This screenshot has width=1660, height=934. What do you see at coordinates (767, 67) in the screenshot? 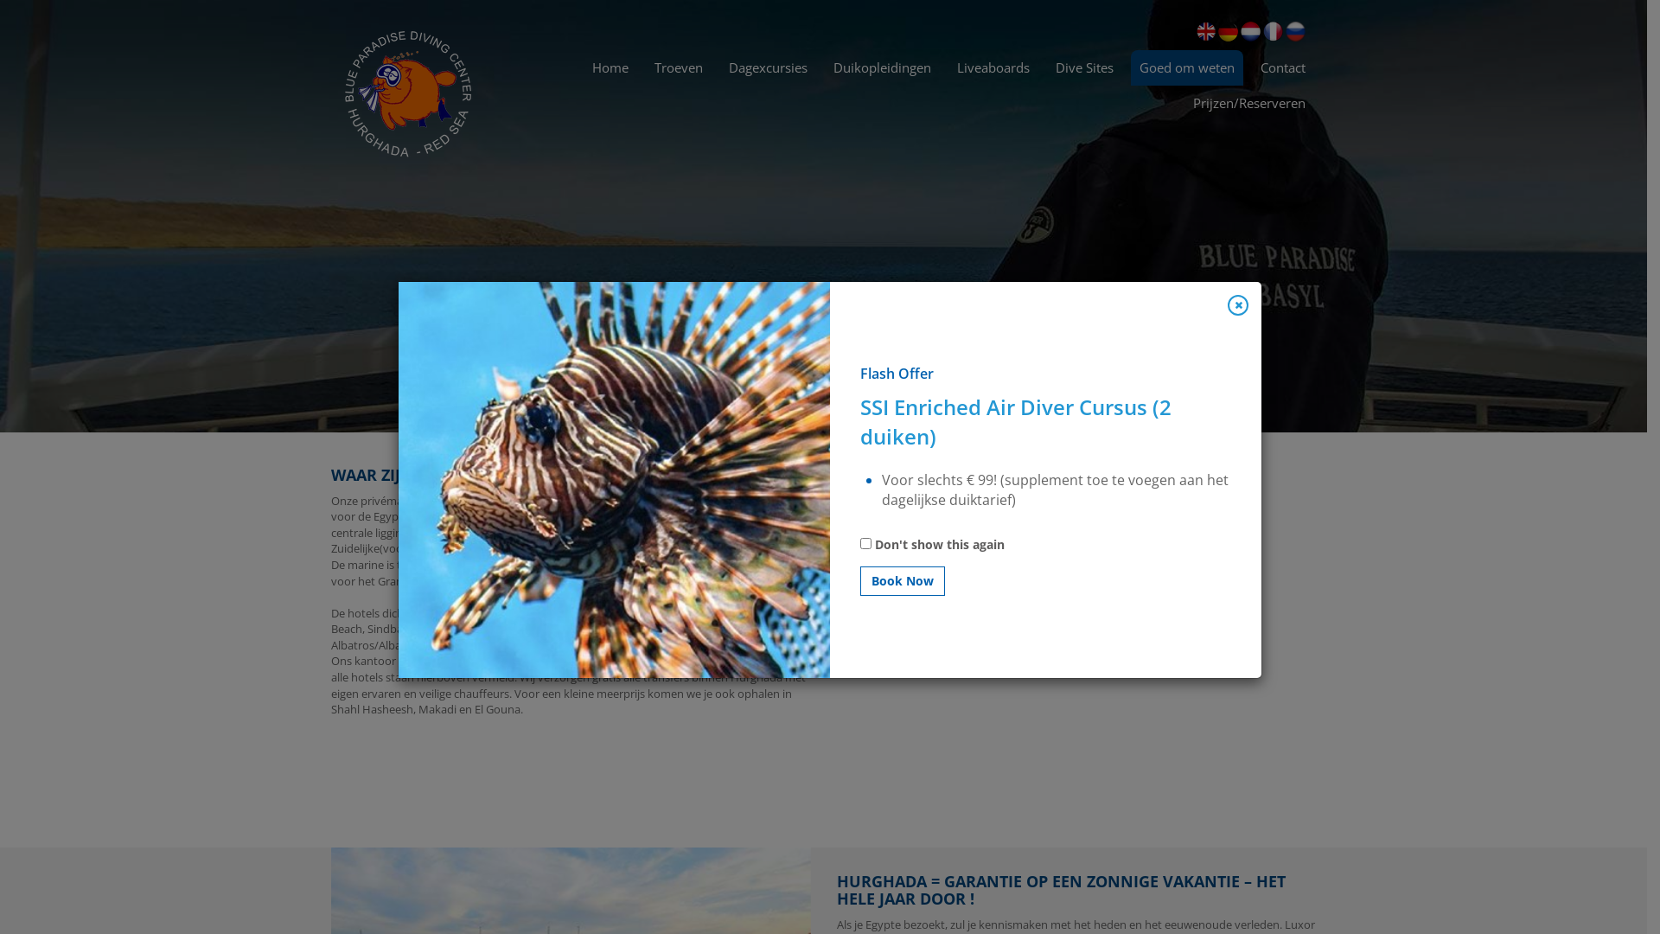
I see `'Dagexcursies'` at bounding box center [767, 67].